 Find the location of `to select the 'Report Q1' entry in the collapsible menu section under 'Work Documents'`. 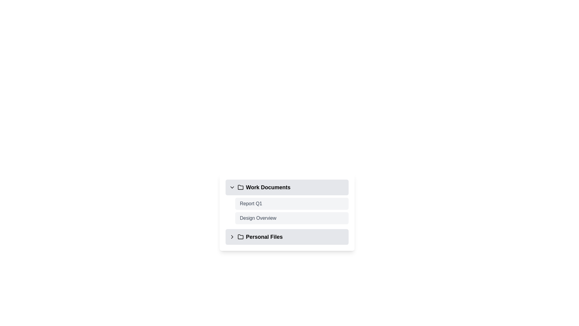

to select the 'Report Q1' entry in the collapsible menu section under 'Work Documents' is located at coordinates (286, 202).